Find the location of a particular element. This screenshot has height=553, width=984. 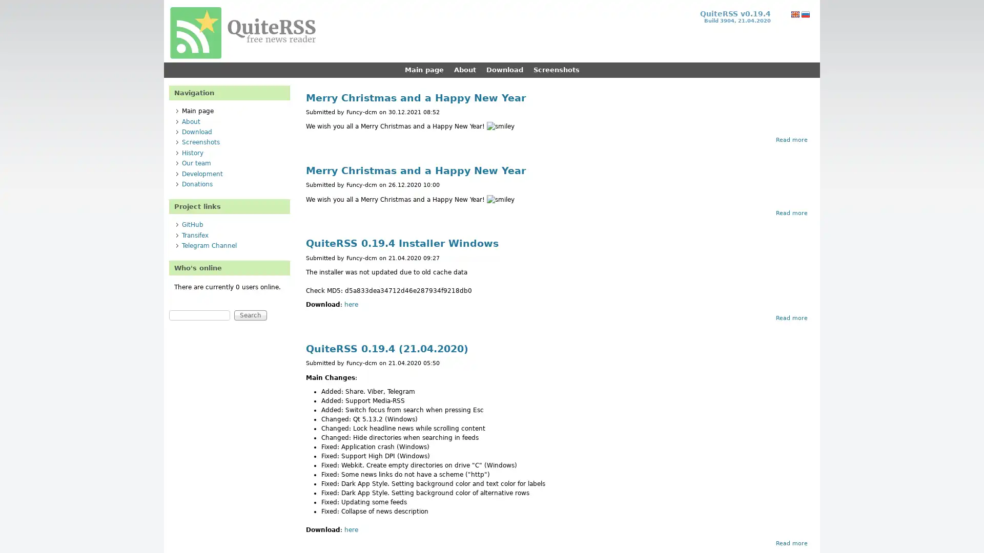

Search is located at coordinates (251, 315).